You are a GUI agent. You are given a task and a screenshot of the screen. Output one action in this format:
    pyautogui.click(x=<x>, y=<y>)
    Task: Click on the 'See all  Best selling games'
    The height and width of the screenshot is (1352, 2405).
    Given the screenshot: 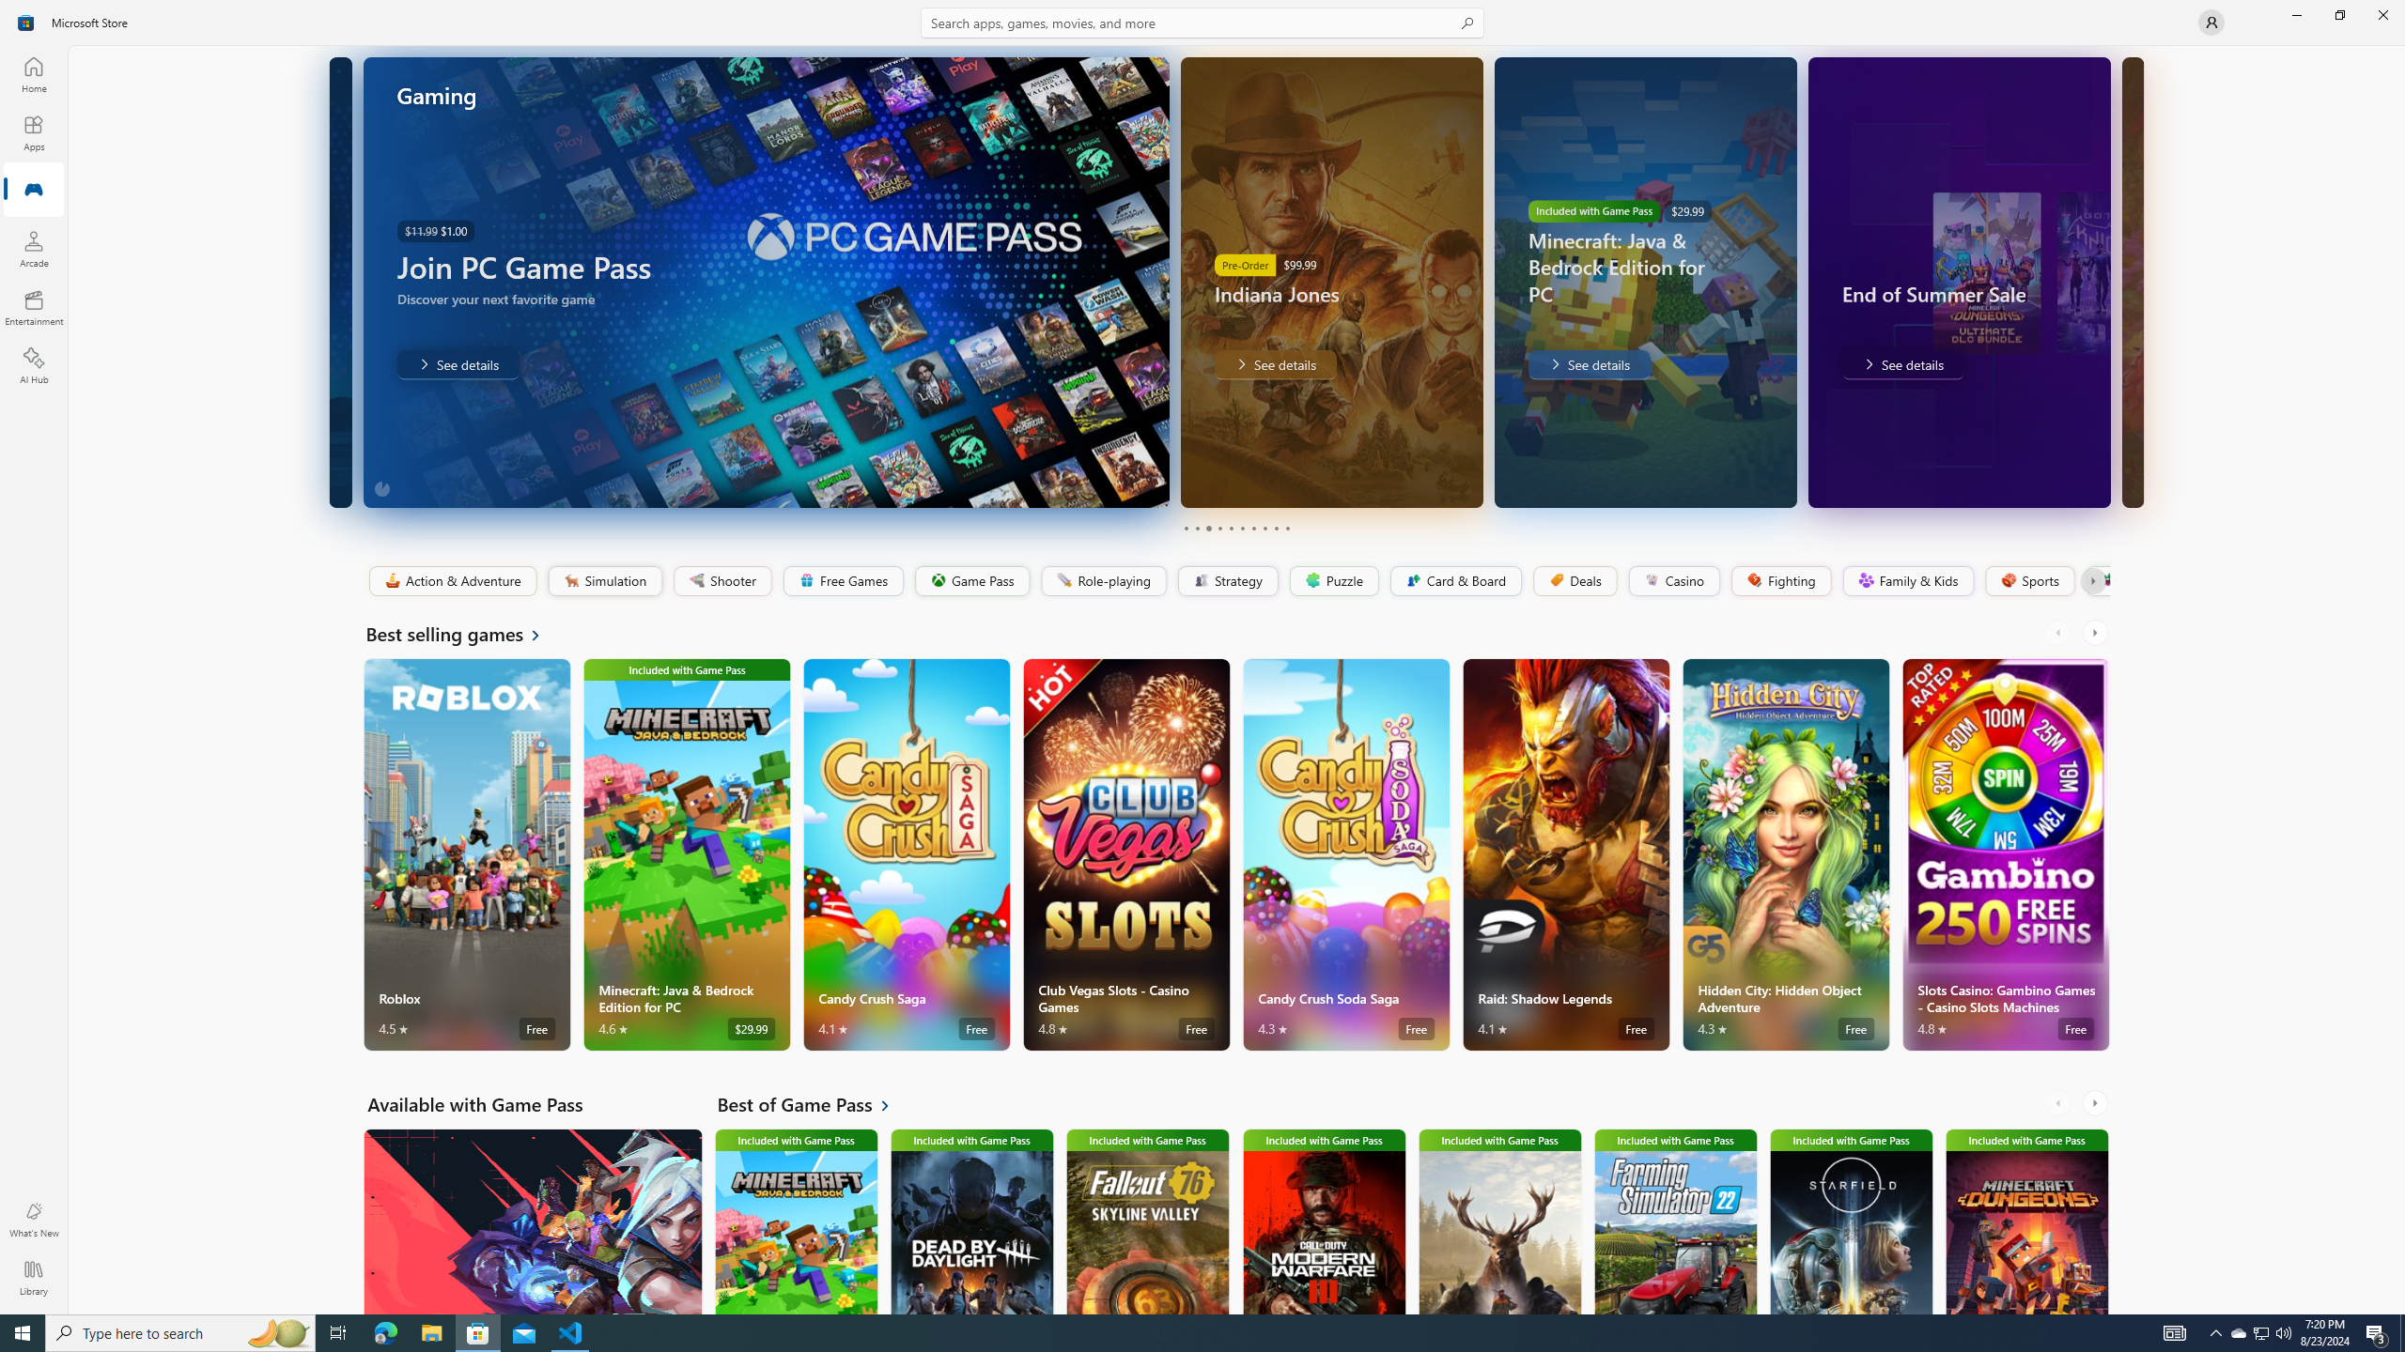 What is the action you would take?
    pyautogui.click(x=463, y=633)
    